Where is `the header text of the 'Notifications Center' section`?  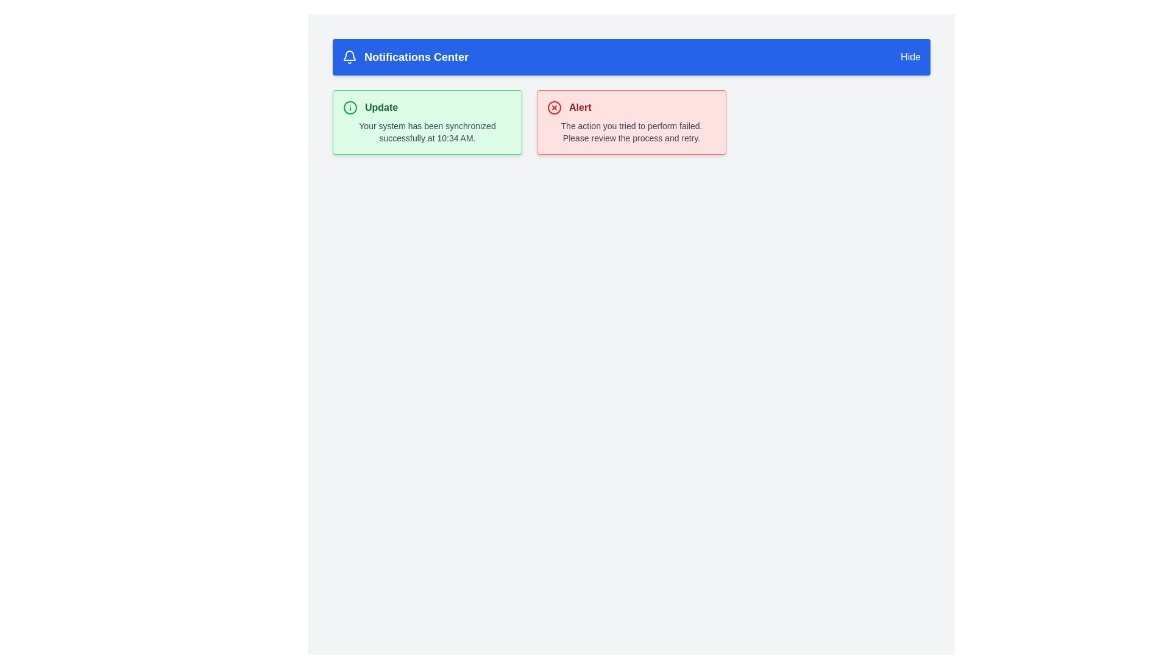 the header text of the 'Notifications Center' section is located at coordinates (405, 57).